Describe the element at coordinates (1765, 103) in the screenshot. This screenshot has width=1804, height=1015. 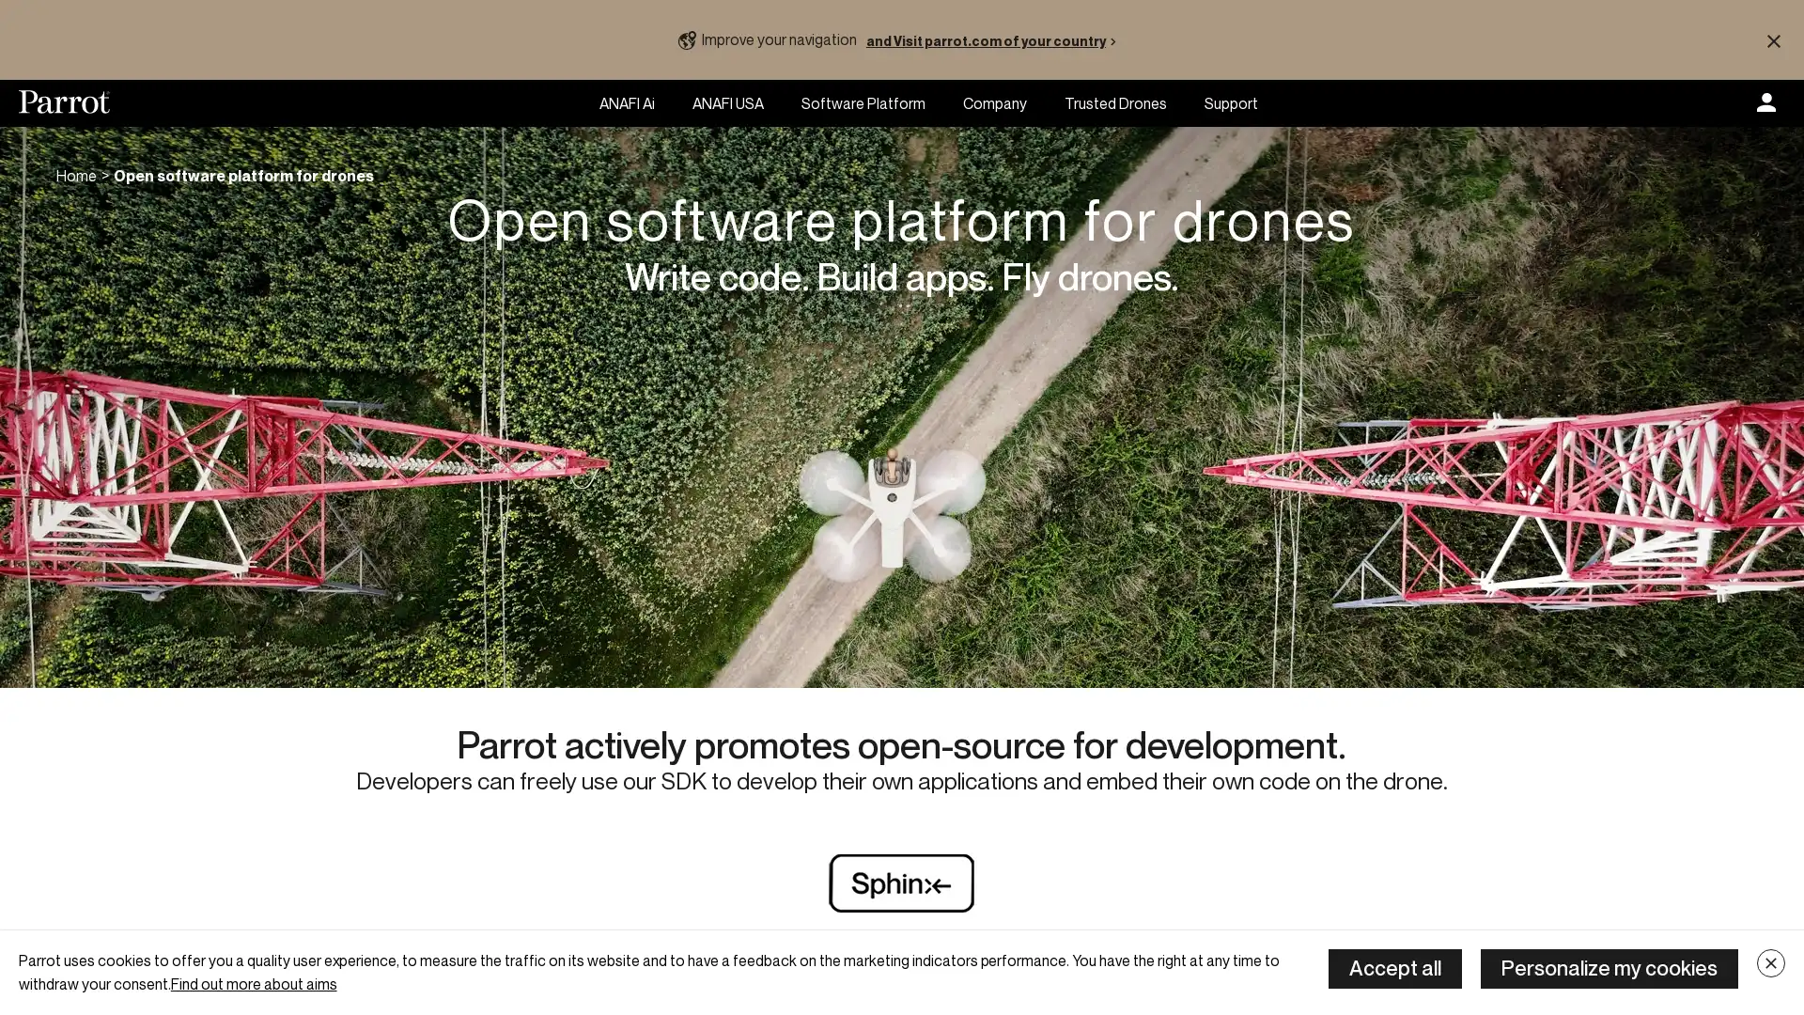
I see `my-parrot` at that location.